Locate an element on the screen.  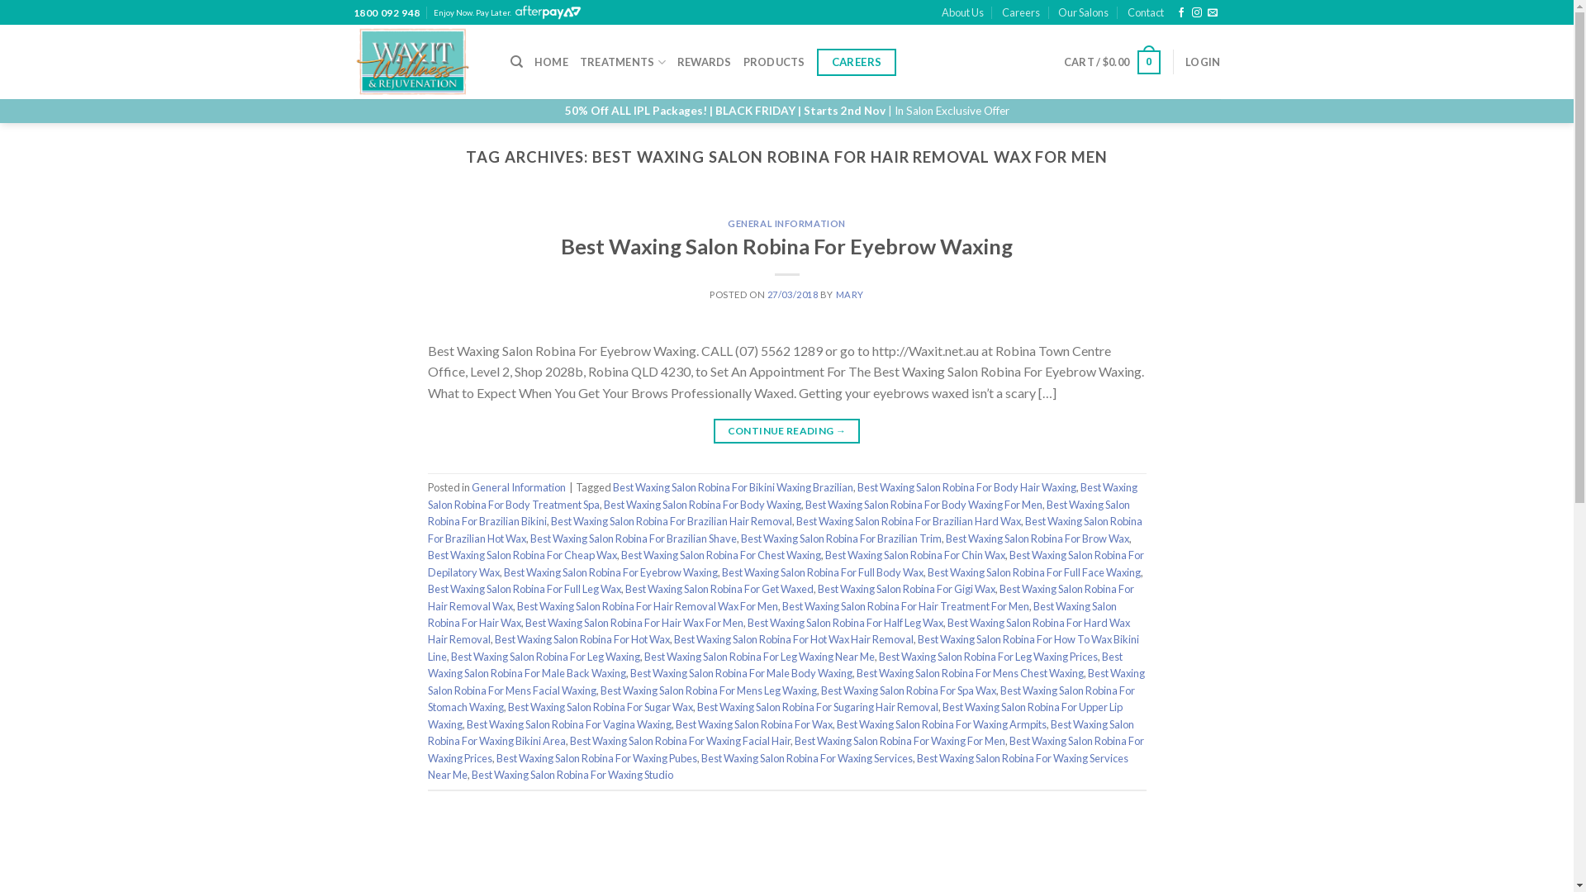
'Best Waxing Salon Robina For Mens Chest Waxing' is located at coordinates (969, 672).